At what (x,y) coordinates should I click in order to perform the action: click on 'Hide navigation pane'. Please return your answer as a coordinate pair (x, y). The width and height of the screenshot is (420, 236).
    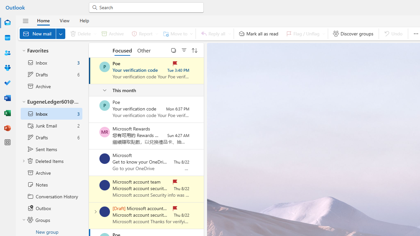
    Looking at the image, I should click on (26, 20).